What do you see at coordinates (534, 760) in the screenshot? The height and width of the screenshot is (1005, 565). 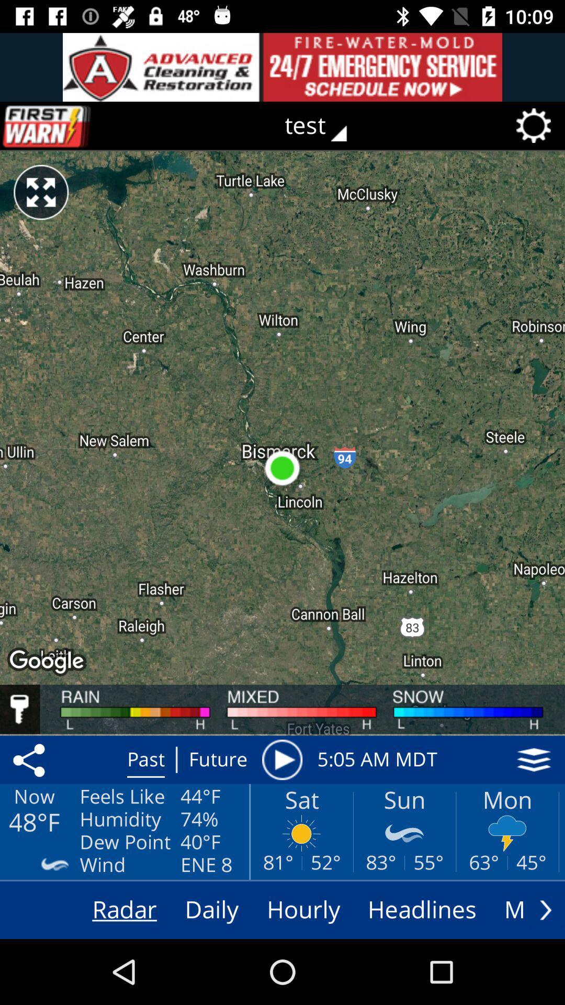 I see `icon on the right side of 505 am mdt` at bounding box center [534, 760].